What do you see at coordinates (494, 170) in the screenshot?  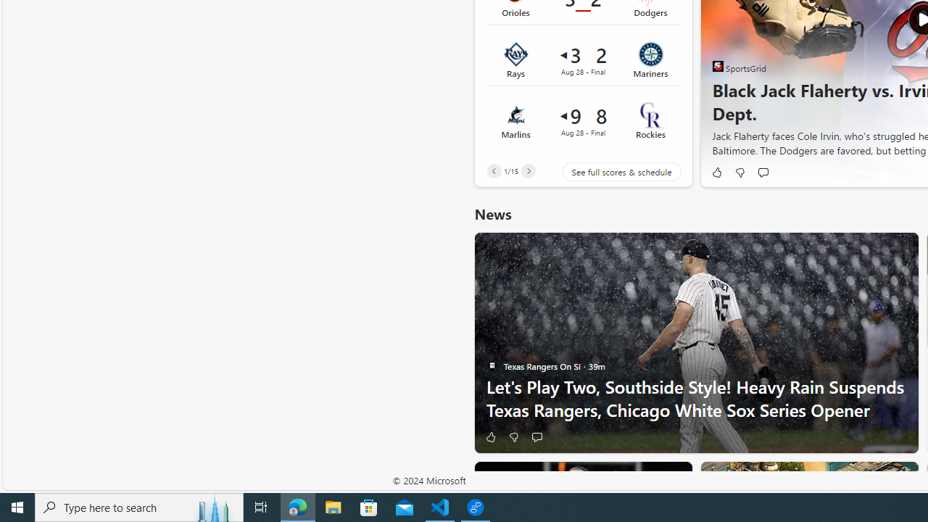 I see `'Previous'` at bounding box center [494, 170].